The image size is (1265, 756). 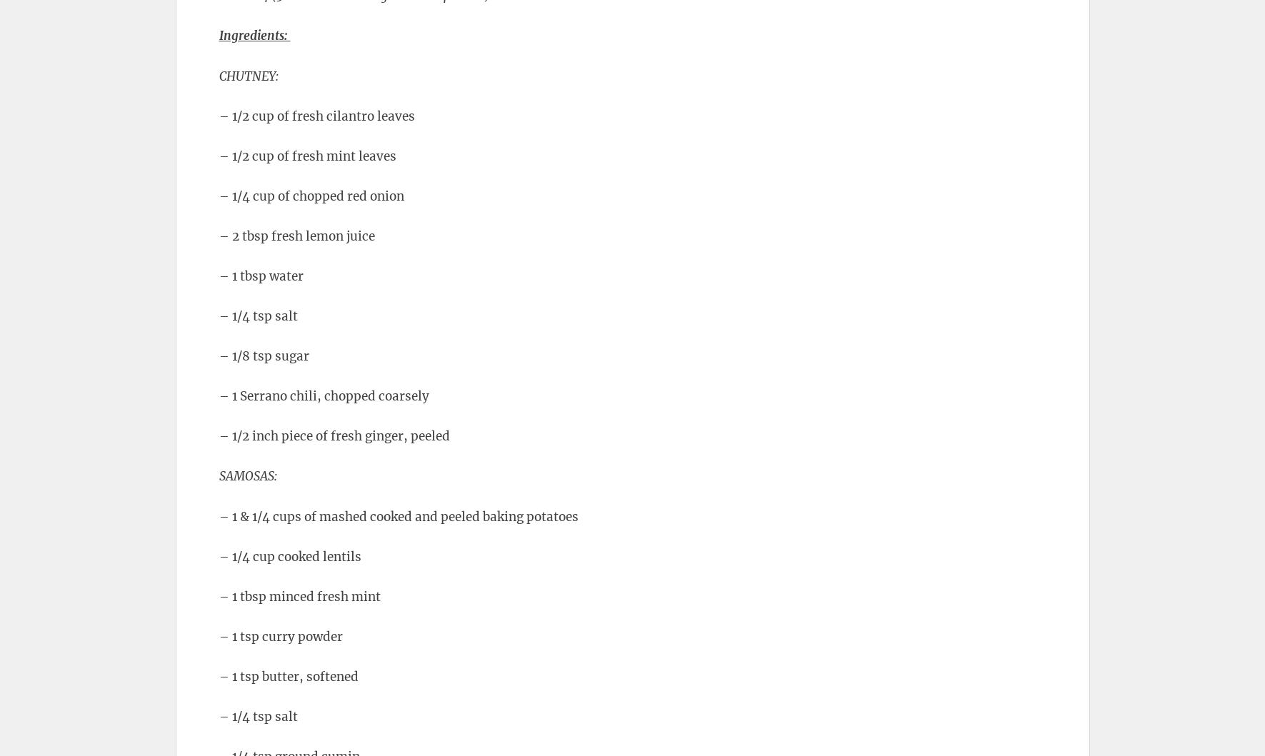 What do you see at coordinates (311, 195) in the screenshot?
I see `'– 1/4 cup of chopped red onion'` at bounding box center [311, 195].